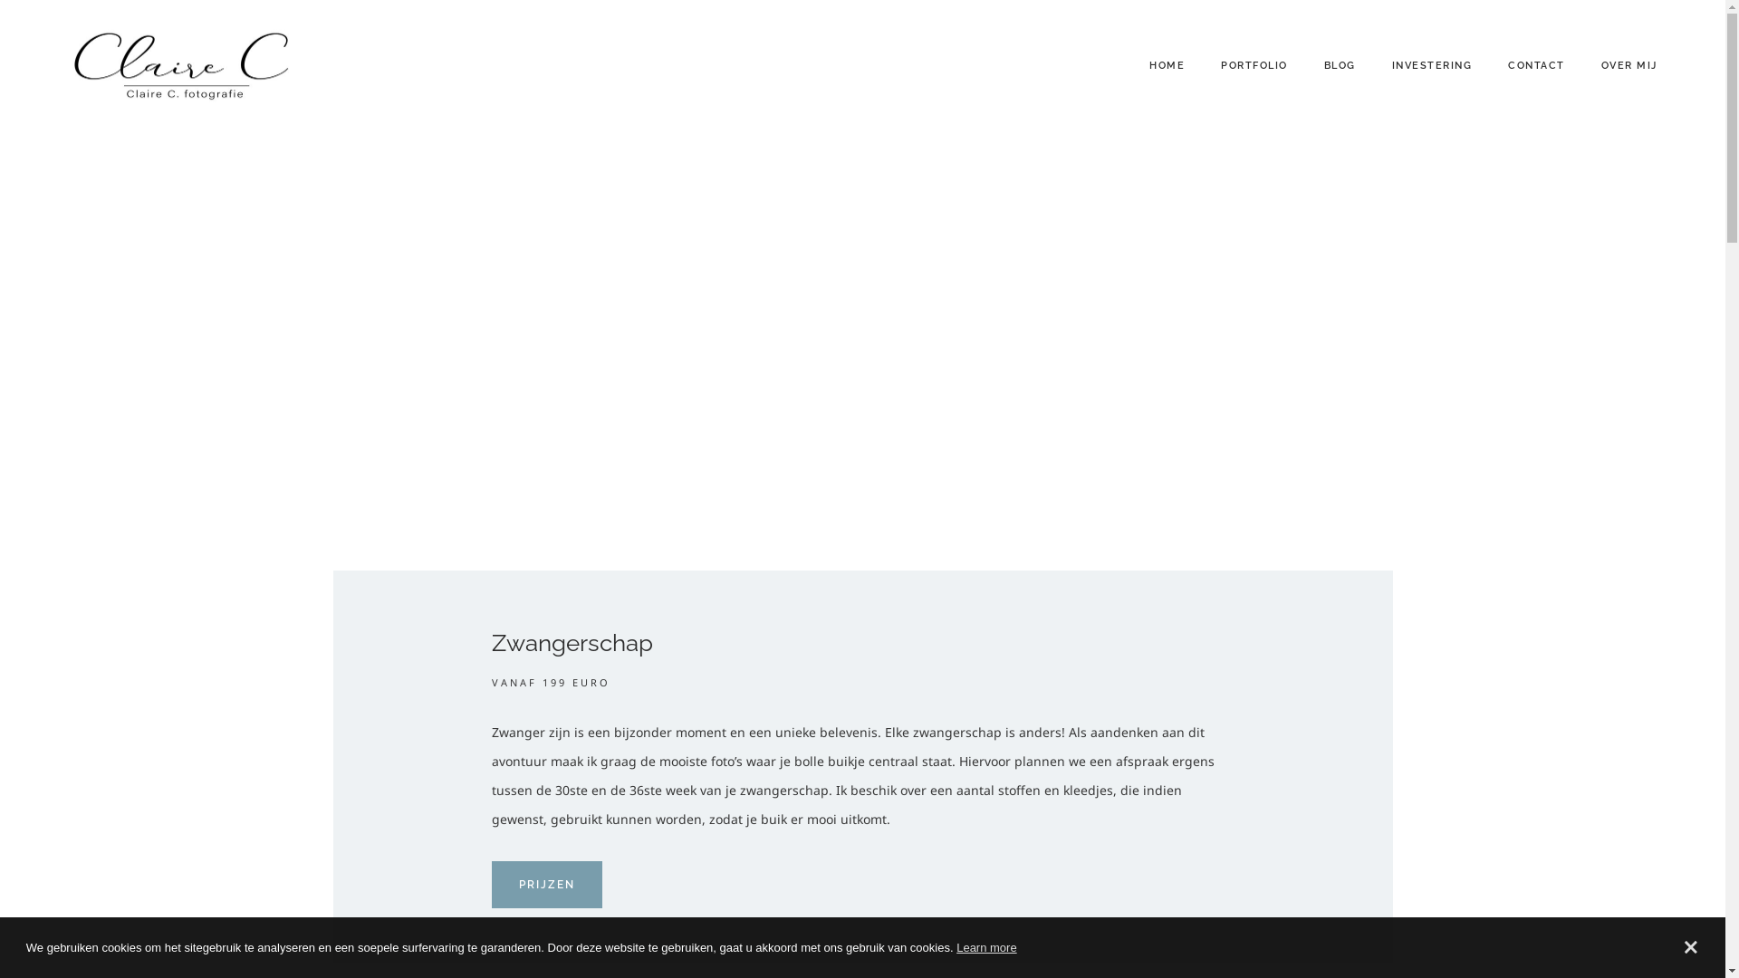 The height and width of the screenshot is (978, 1739). Describe the element at coordinates (985, 946) in the screenshot. I see `'Learn more'` at that location.